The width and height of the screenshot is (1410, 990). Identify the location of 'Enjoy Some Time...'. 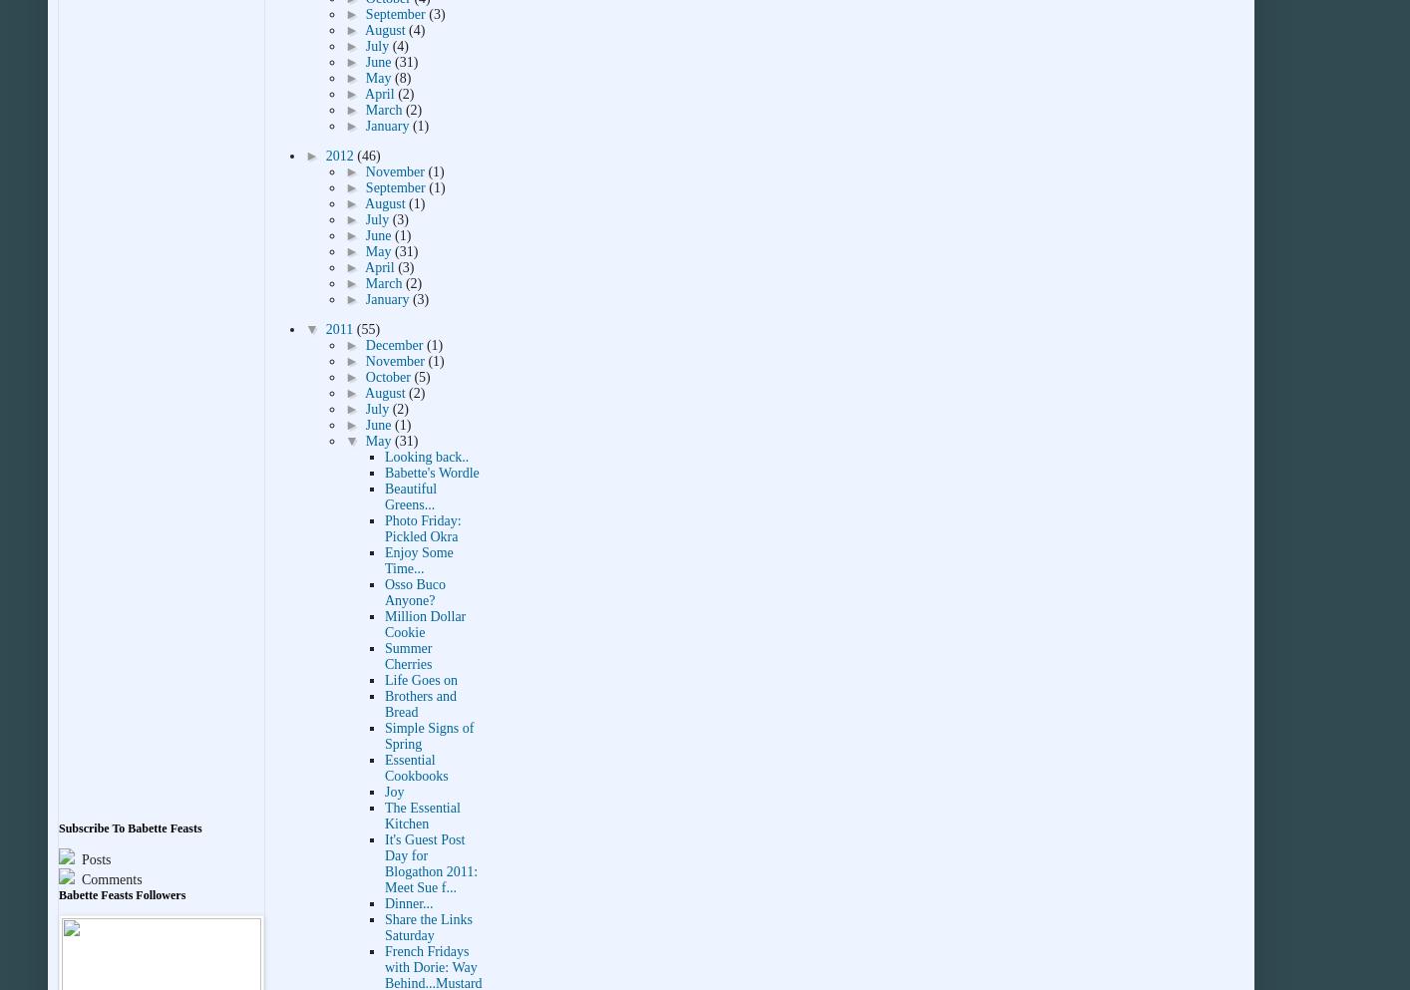
(417, 559).